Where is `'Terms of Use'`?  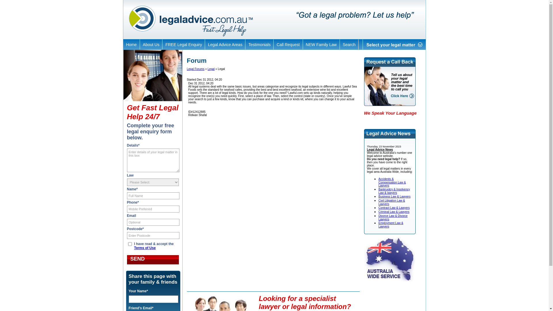
'Terms of Use' is located at coordinates (134, 247).